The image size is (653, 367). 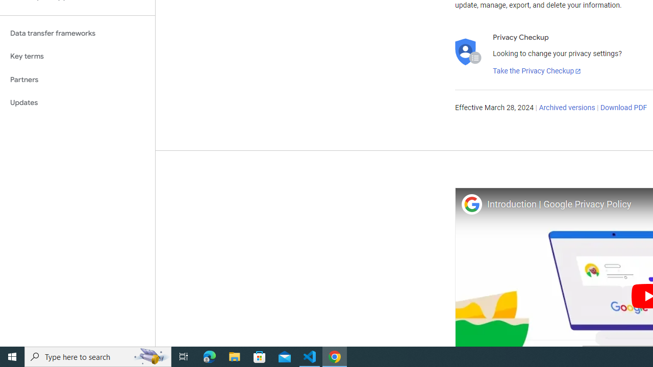 What do you see at coordinates (537, 71) in the screenshot?
I see `'Take the Privacy Checkup'` at bounding box center [537, 71].